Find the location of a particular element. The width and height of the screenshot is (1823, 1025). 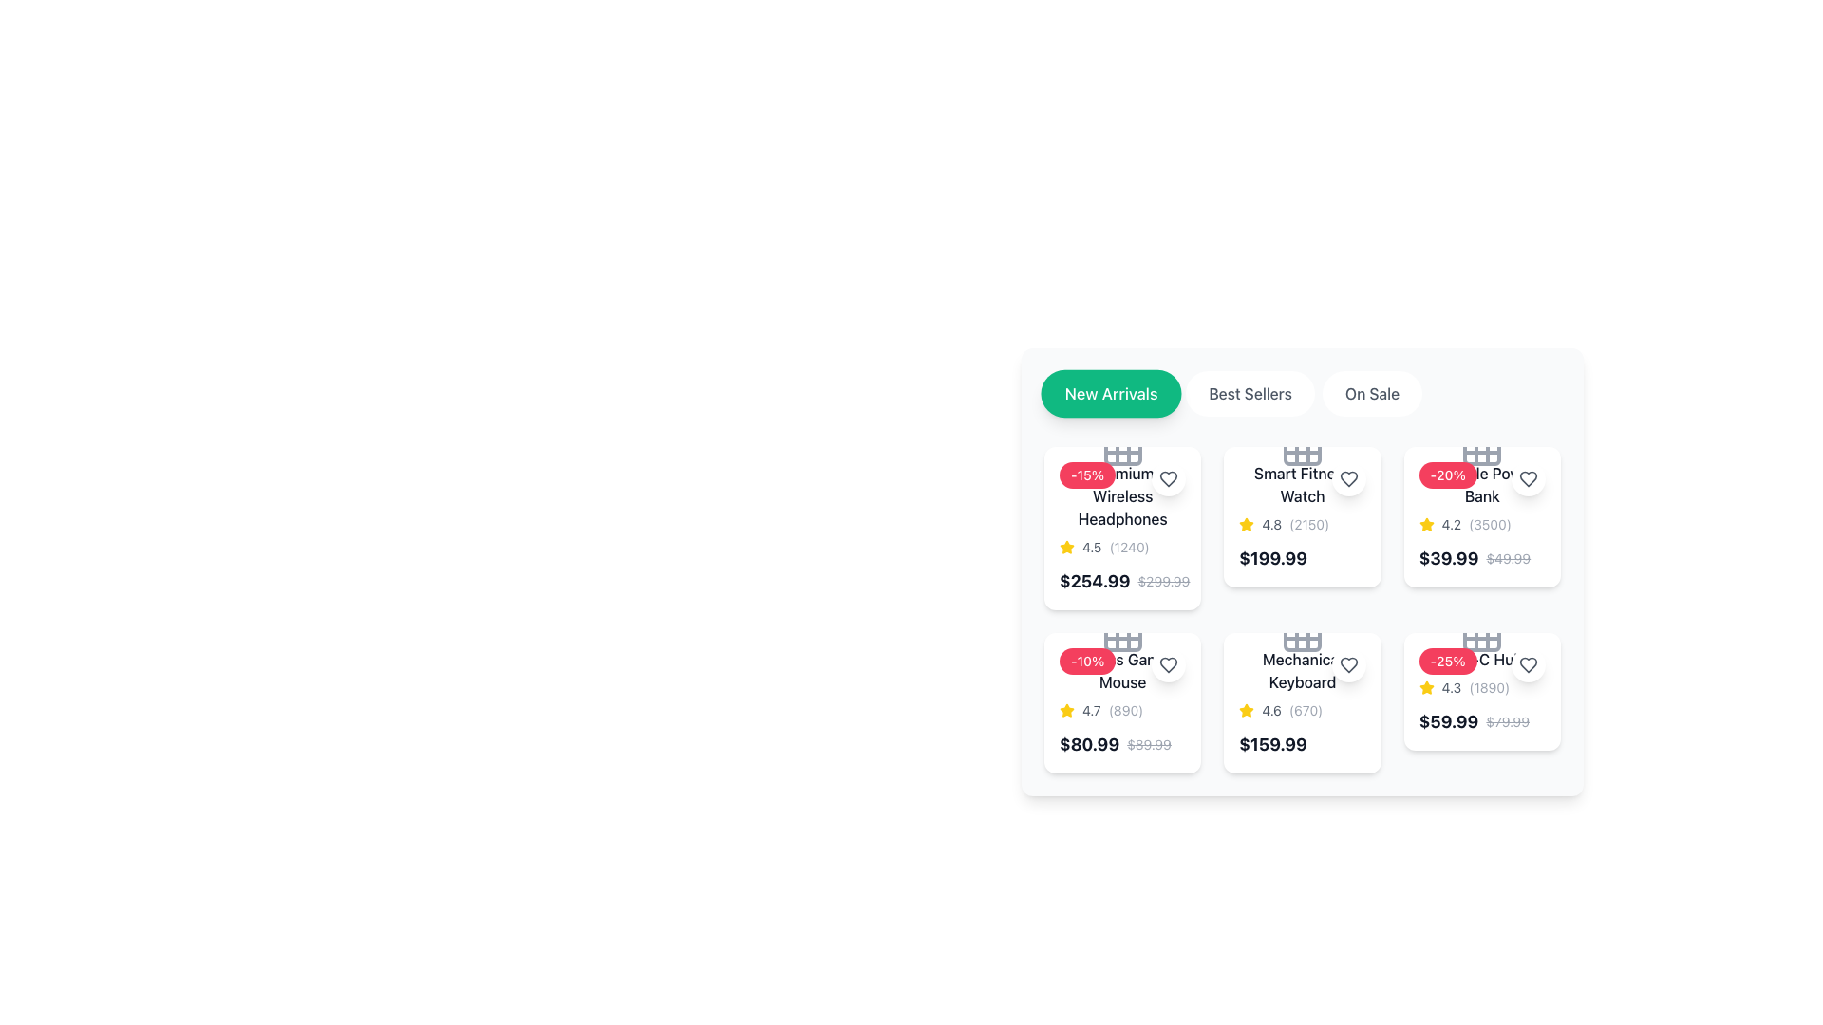

the icon representing the 'Smart Fitness Watch' located in the second card of the first row in the product grid for interaction is located at coordinates (1302, 446).